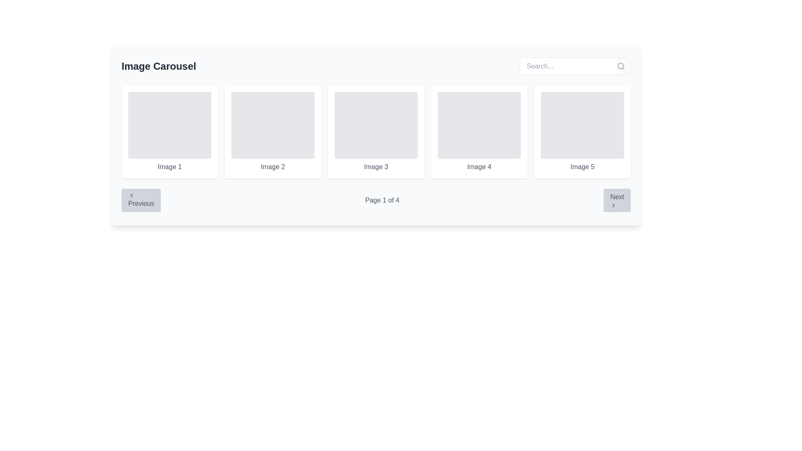 The width and height of the screenshot is (802, 451). What do you see at coordinates (382, 200) in the screenshot?
I see `the textual indicator displaying 'Page 1 of 4', located centrally below the image carousel` at bounding box center [382, 200].